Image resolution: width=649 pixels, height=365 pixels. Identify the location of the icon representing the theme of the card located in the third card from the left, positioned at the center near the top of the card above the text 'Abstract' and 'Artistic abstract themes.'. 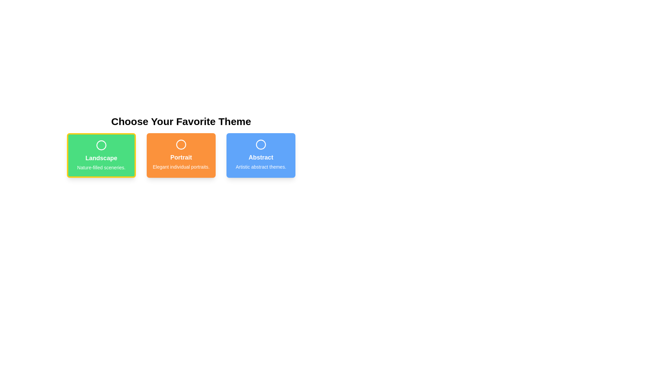
(261, 144).